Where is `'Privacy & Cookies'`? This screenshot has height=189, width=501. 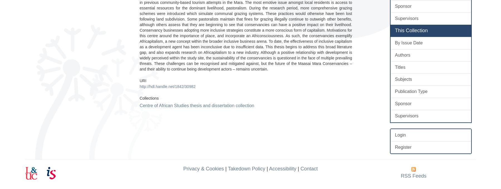 'Privacy & Cookies' is located at coordinates (203, 168).